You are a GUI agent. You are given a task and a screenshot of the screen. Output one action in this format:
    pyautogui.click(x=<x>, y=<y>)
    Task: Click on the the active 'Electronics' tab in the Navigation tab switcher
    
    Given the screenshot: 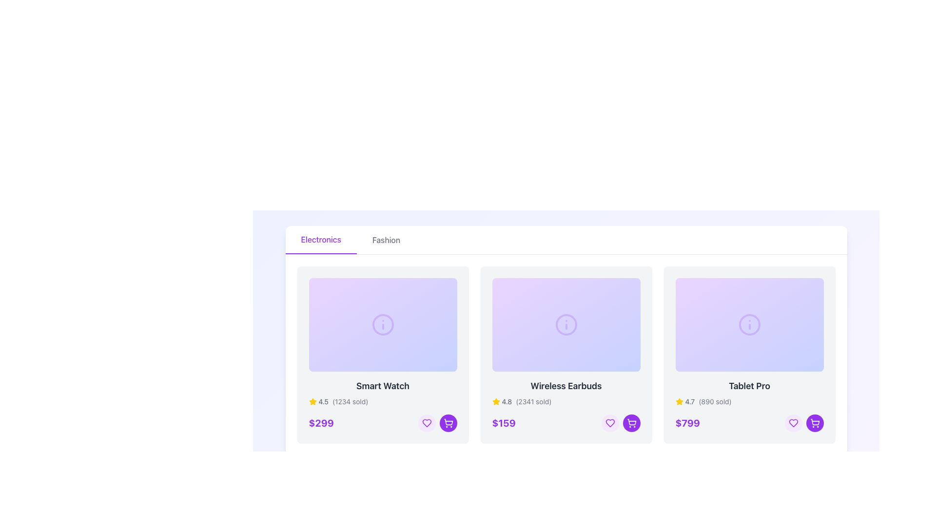 What is the action you would take?
    pyautogui.click(x=566, y=240)
    